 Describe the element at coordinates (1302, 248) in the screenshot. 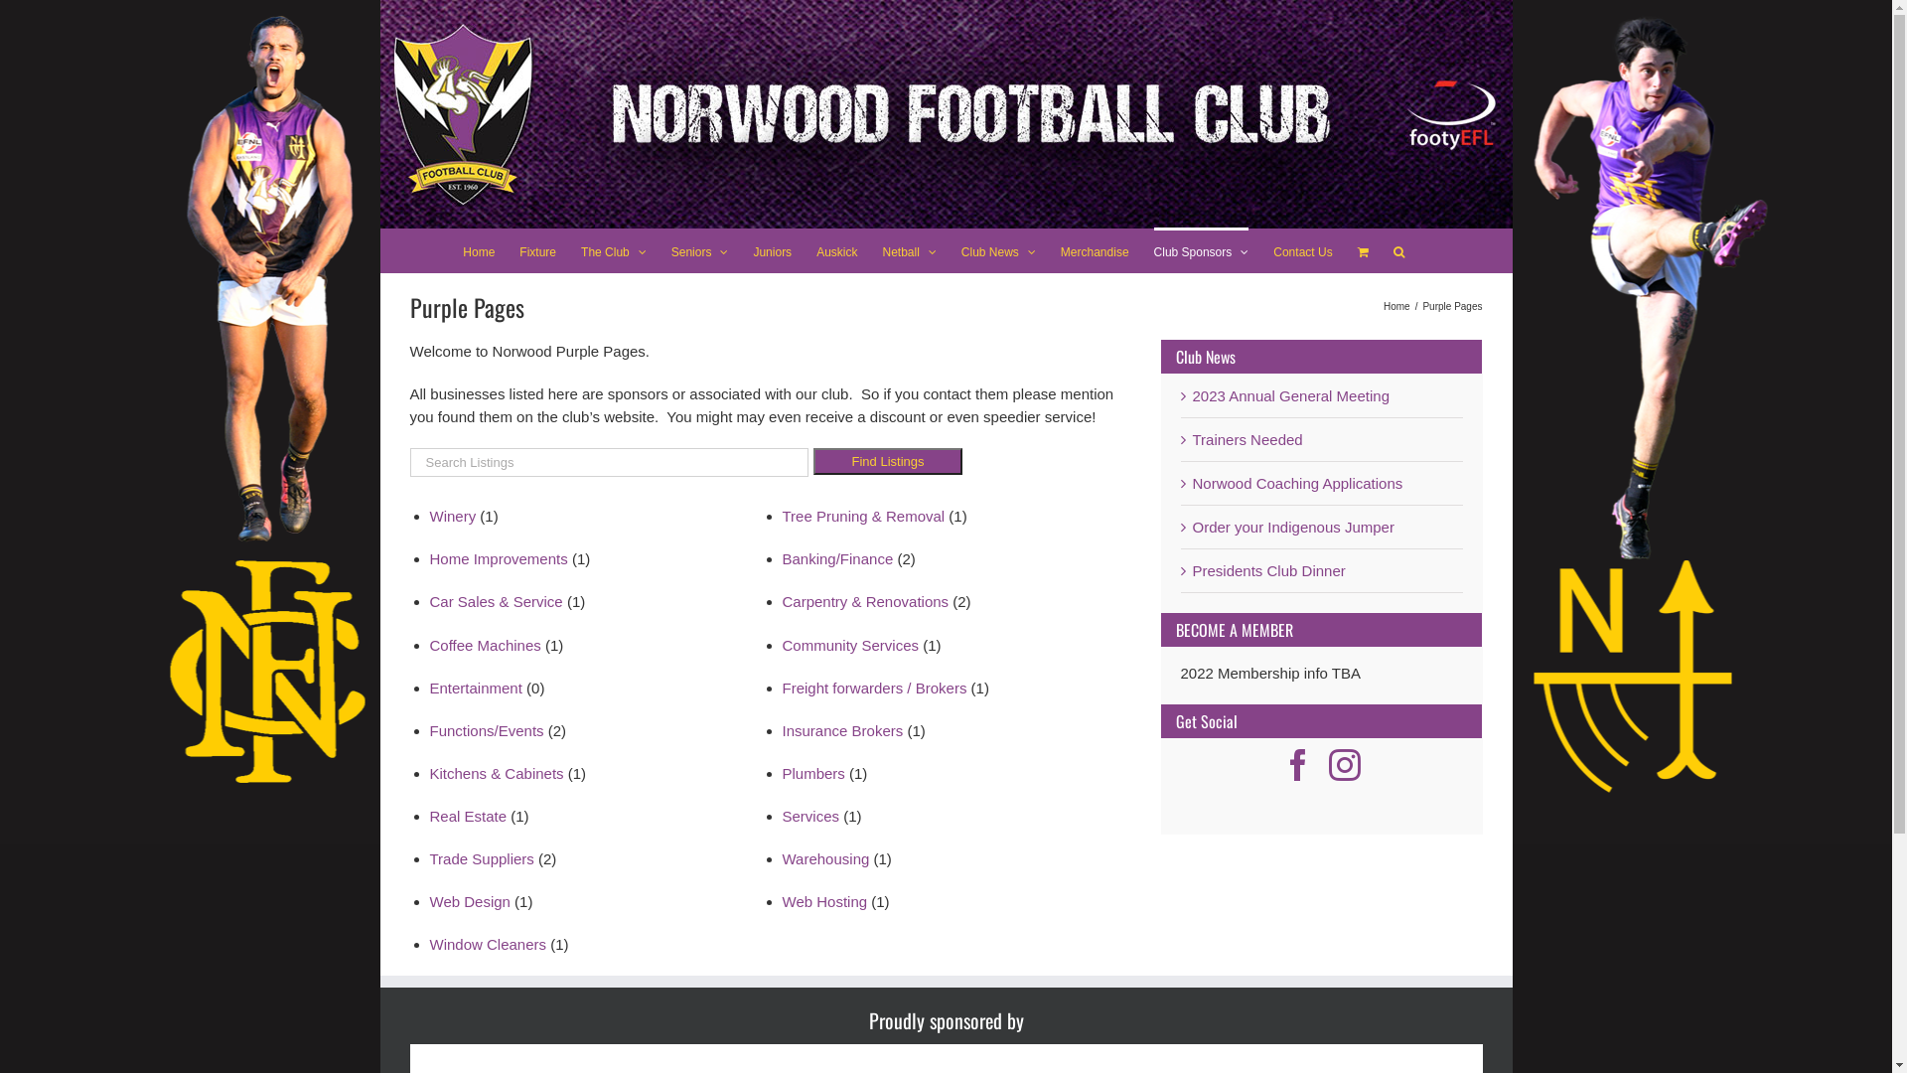

I see `'Contact Us'` at that location.